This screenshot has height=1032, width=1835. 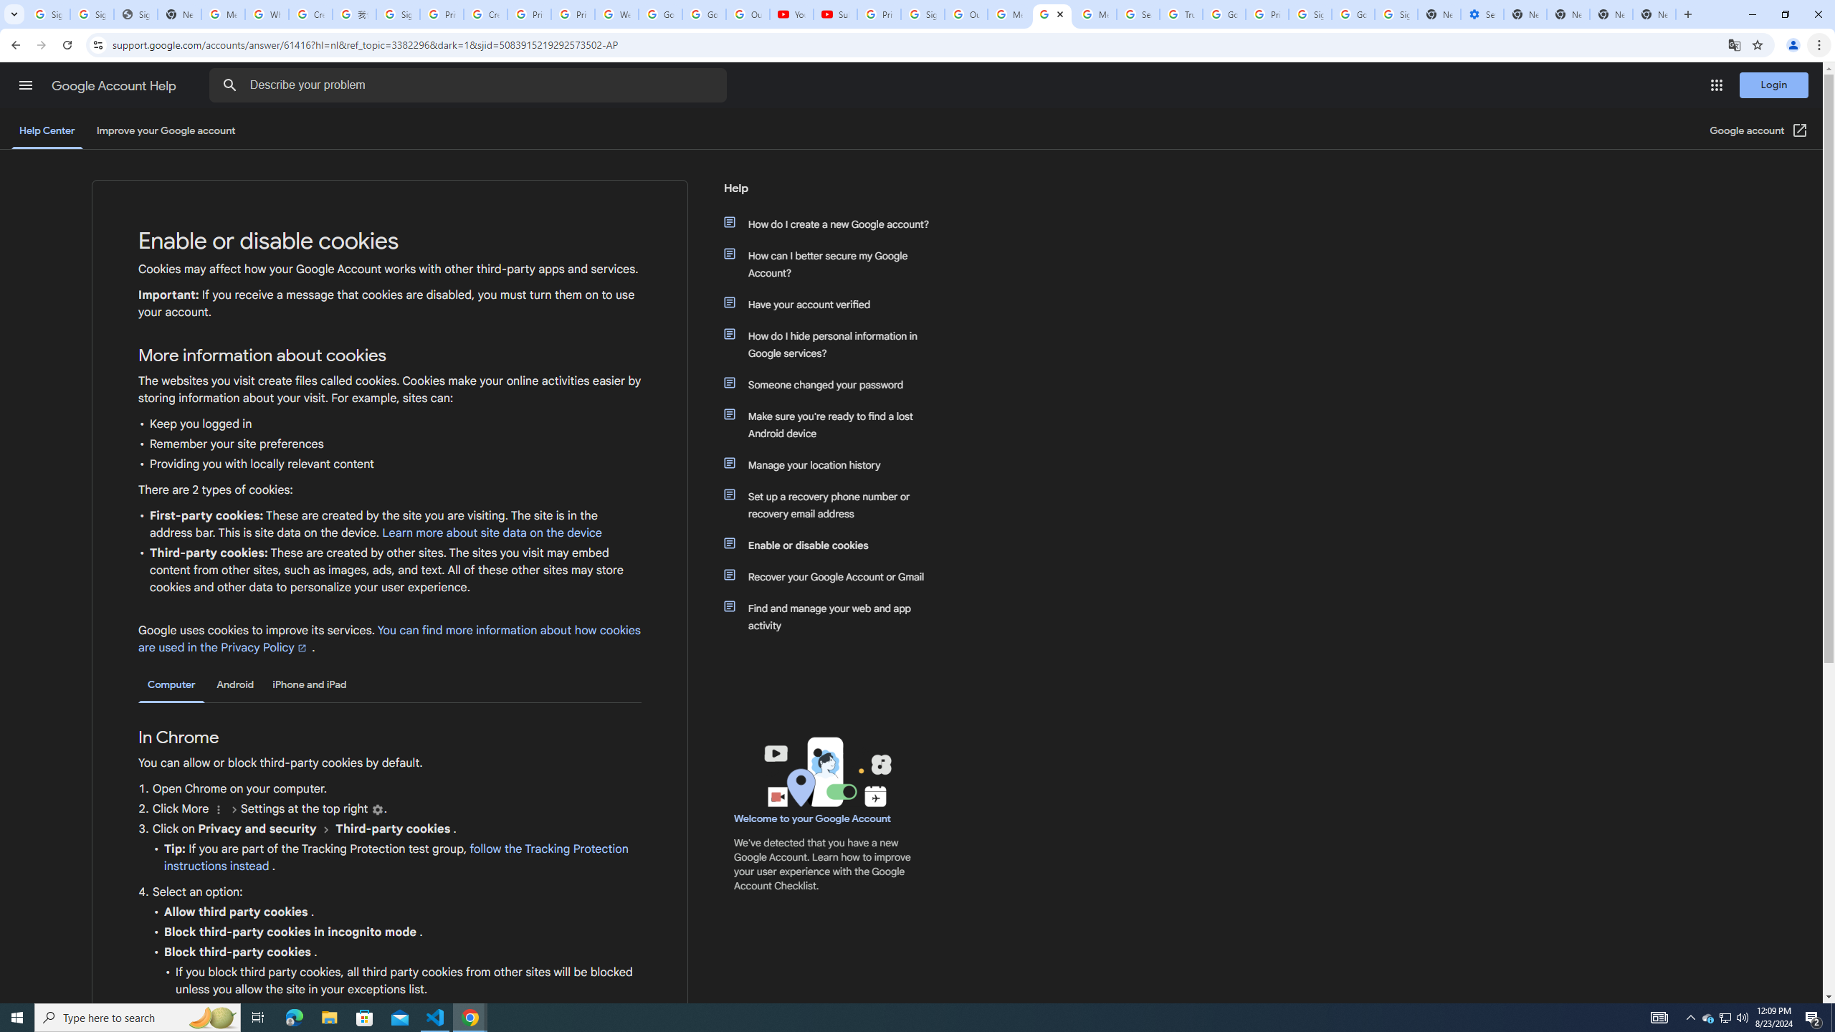 I want to click on 'More', so click(x=217, y=809).